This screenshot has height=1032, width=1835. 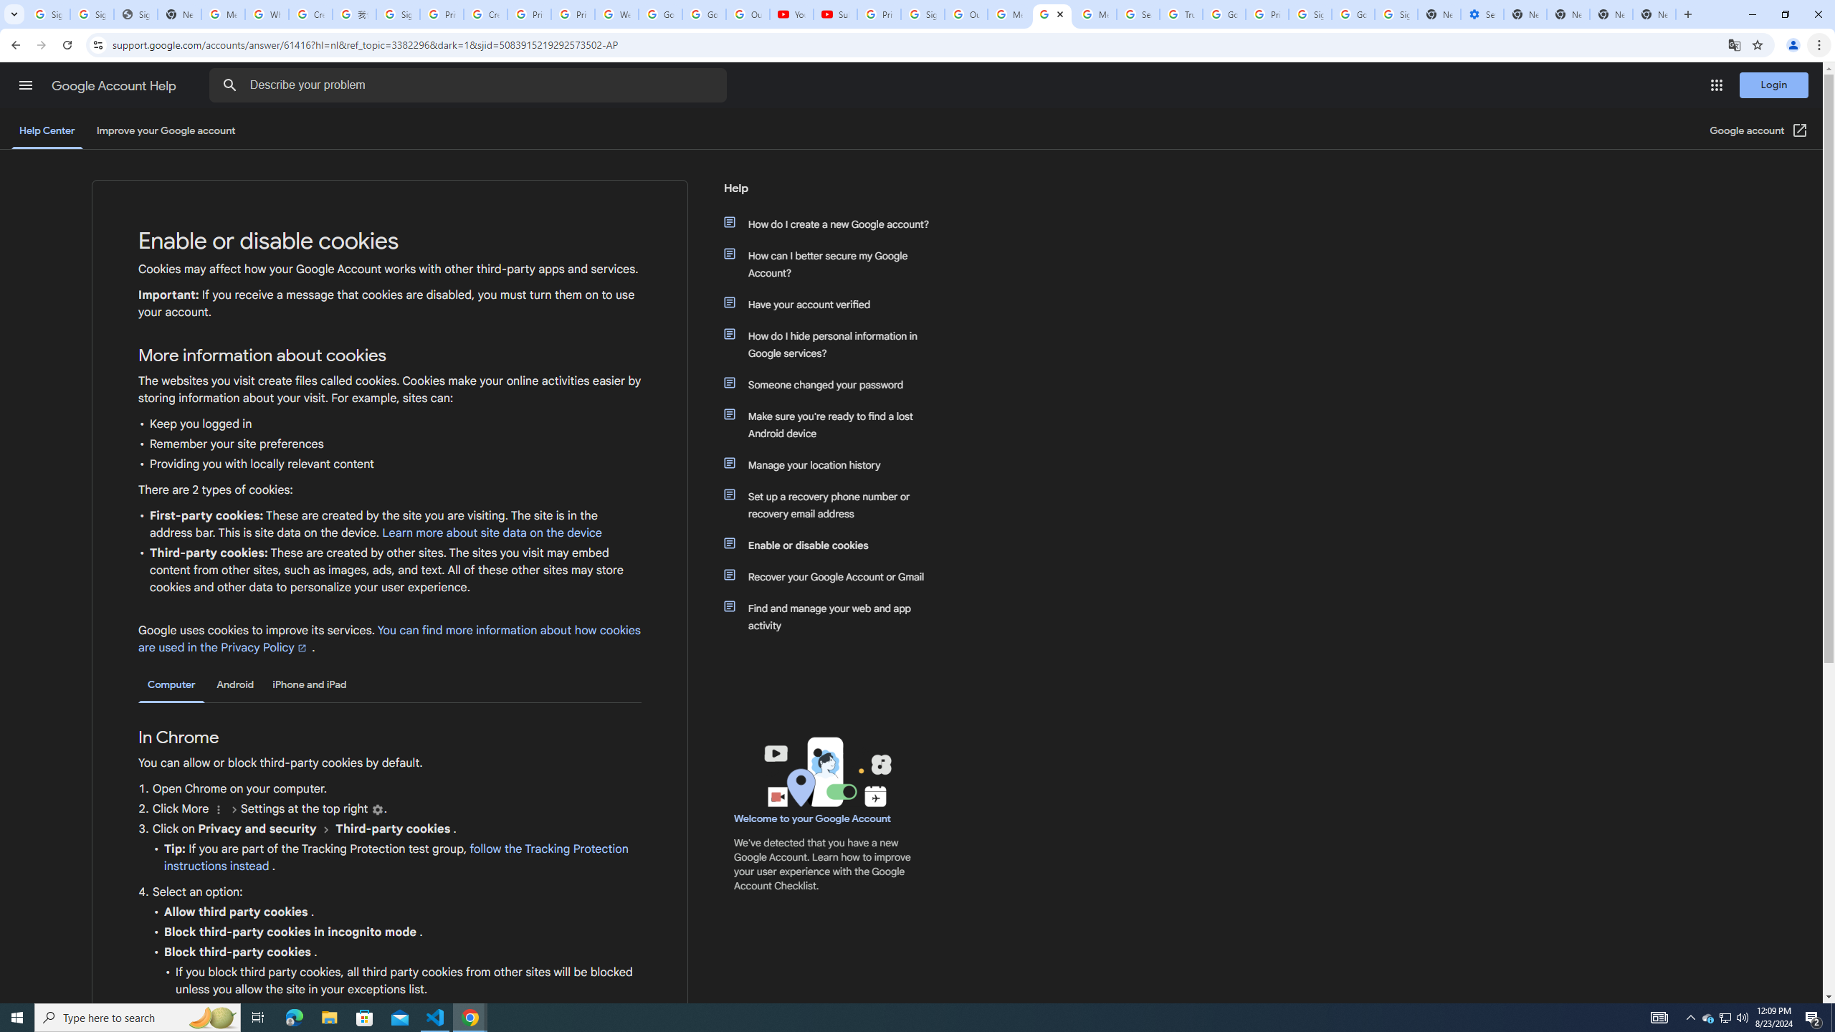 I want to click on 'More', so click(x=217, y=809).